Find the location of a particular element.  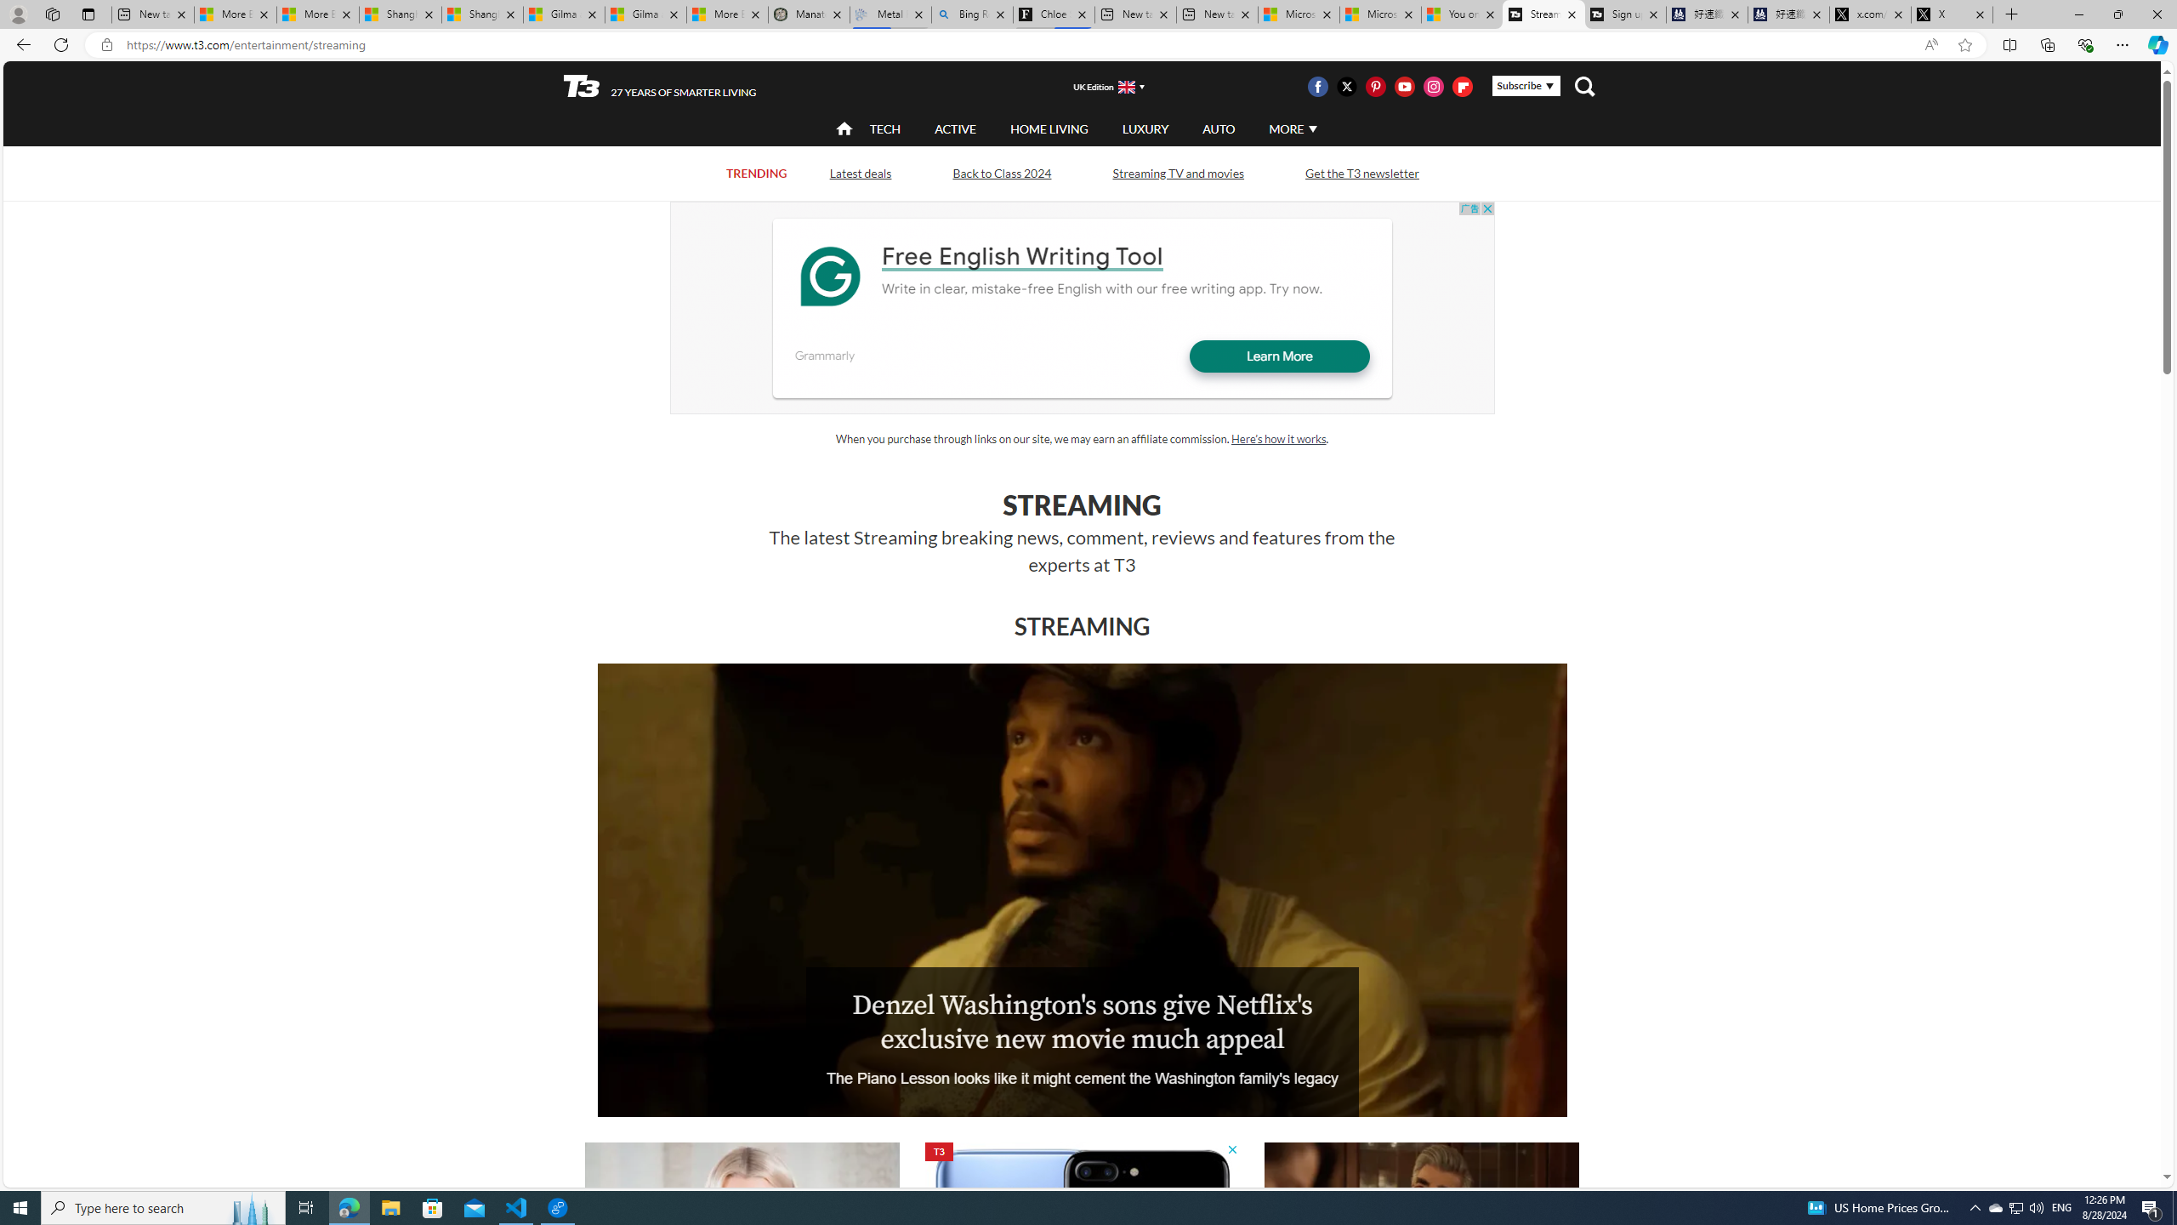

'Manatee Mortality Statistics | FWC' is located at coordinates (809, 14).